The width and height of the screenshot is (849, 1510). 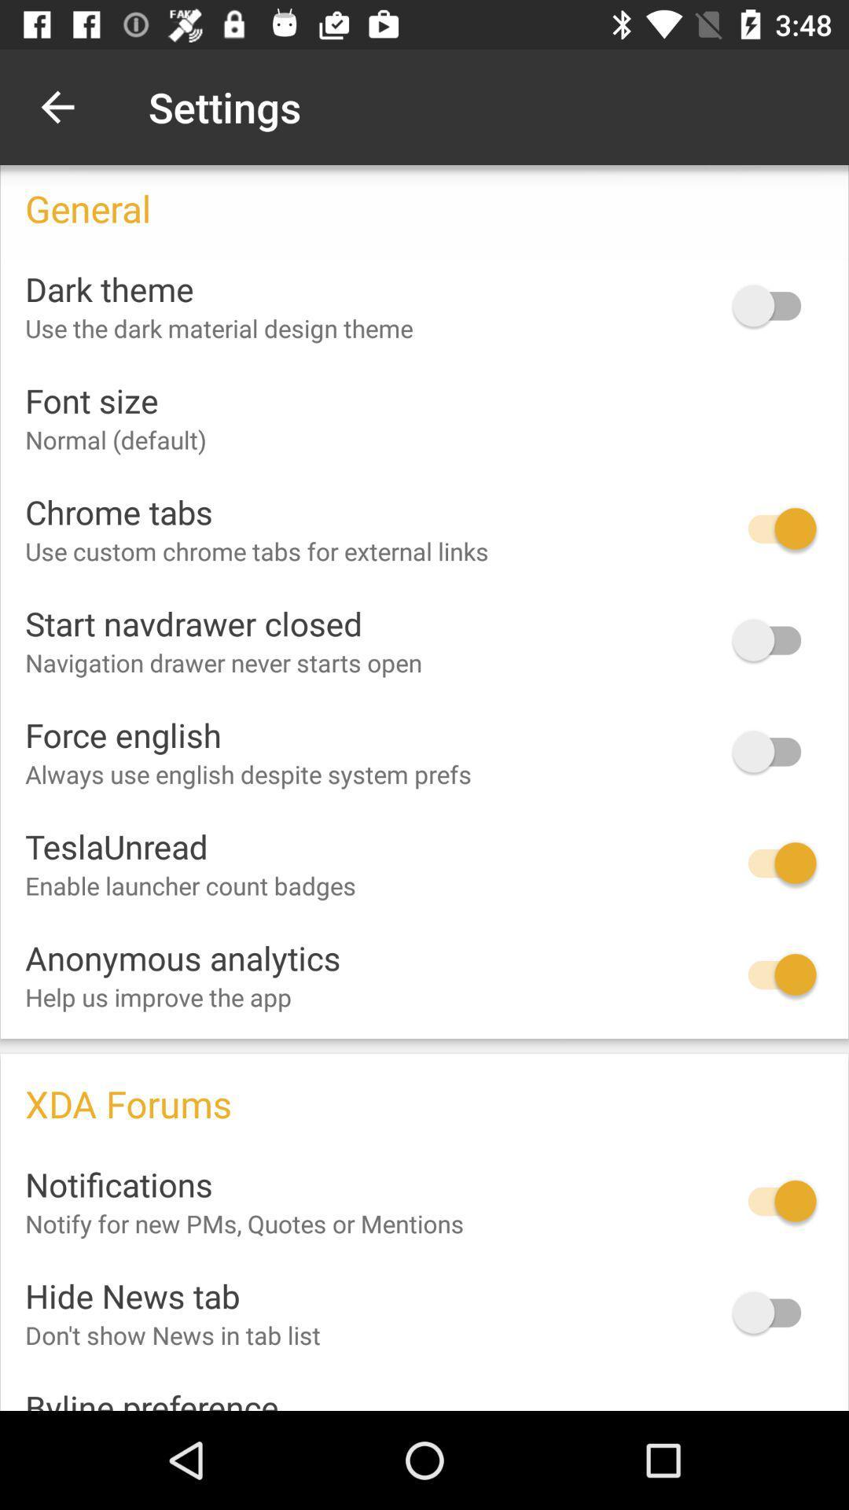 What do you see at coordinates (774, 305) in the screenshot?
I see `dark theme` at bounding box center [774, 305].